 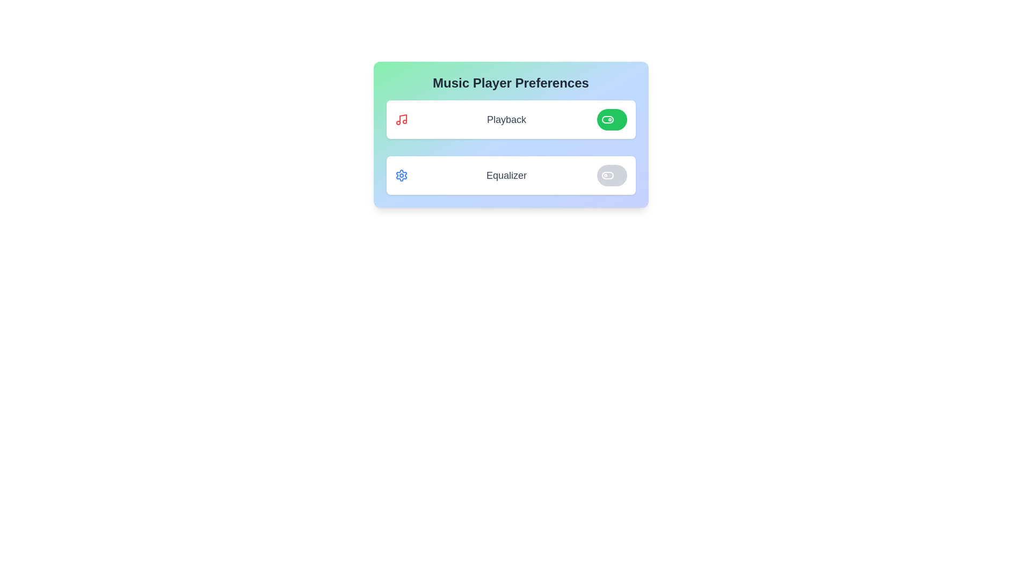 I want to click on the gear-like icon with a blue outline located to the left of the 'Equalizer' text for contextual understanding, so click(x=401, y=175).